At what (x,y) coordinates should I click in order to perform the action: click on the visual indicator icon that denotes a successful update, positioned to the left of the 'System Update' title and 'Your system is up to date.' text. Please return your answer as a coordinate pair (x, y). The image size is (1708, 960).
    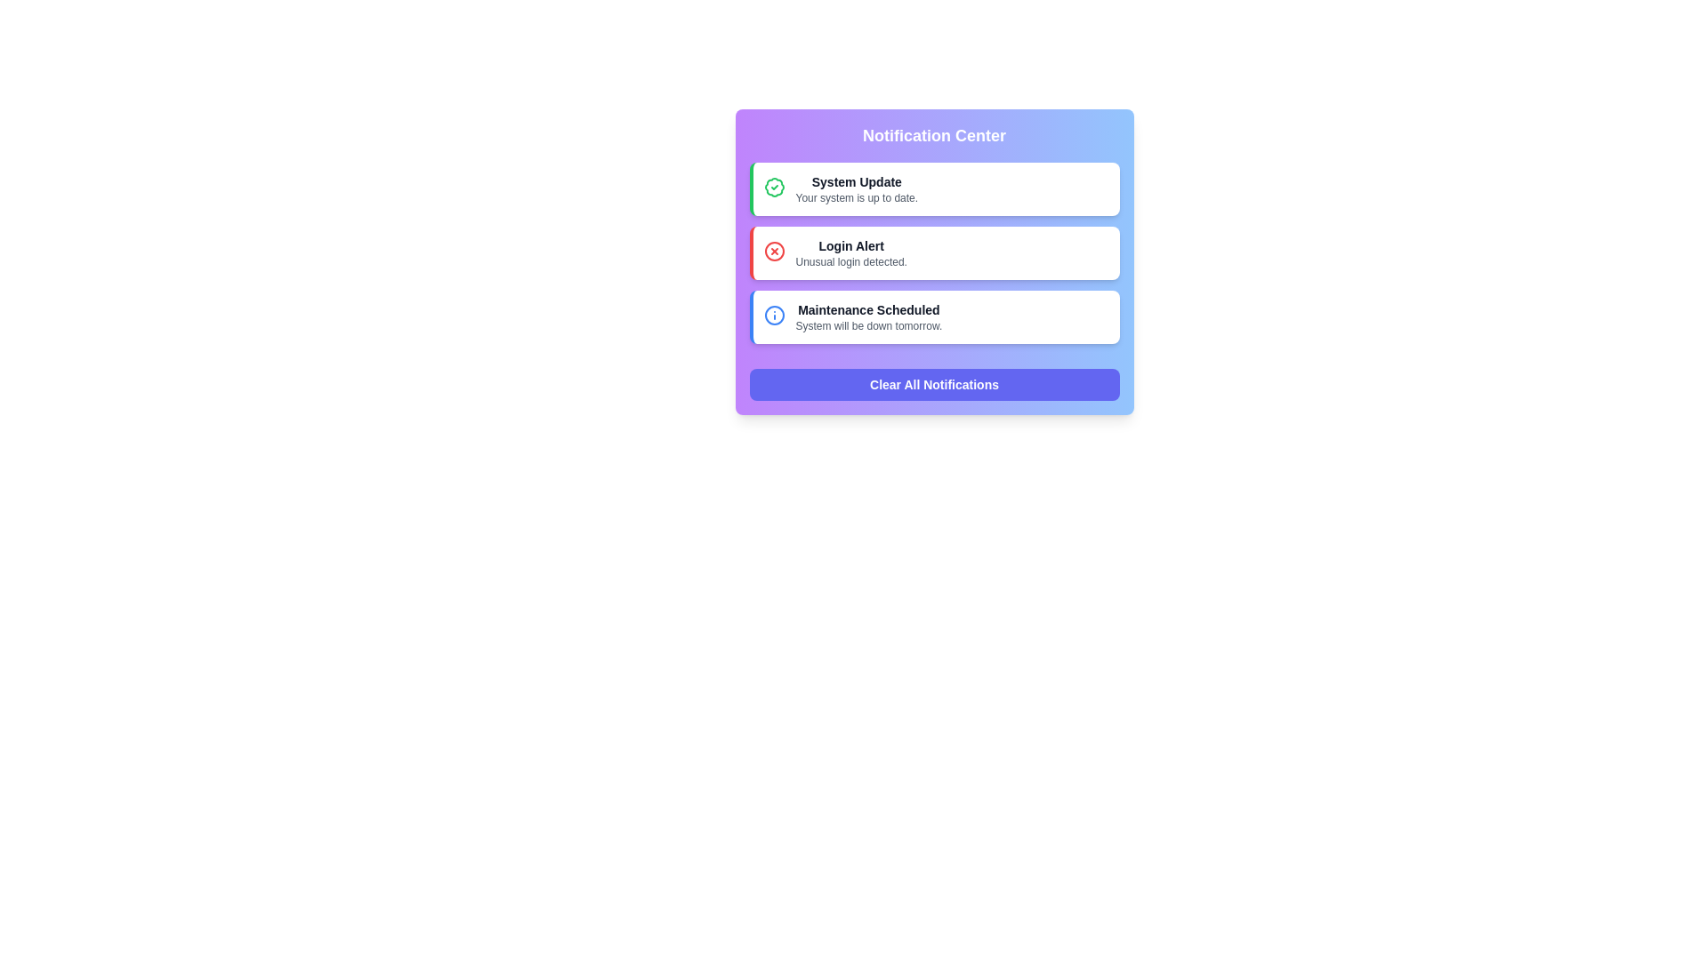
    Looking at the image, I should click on (774, 191).